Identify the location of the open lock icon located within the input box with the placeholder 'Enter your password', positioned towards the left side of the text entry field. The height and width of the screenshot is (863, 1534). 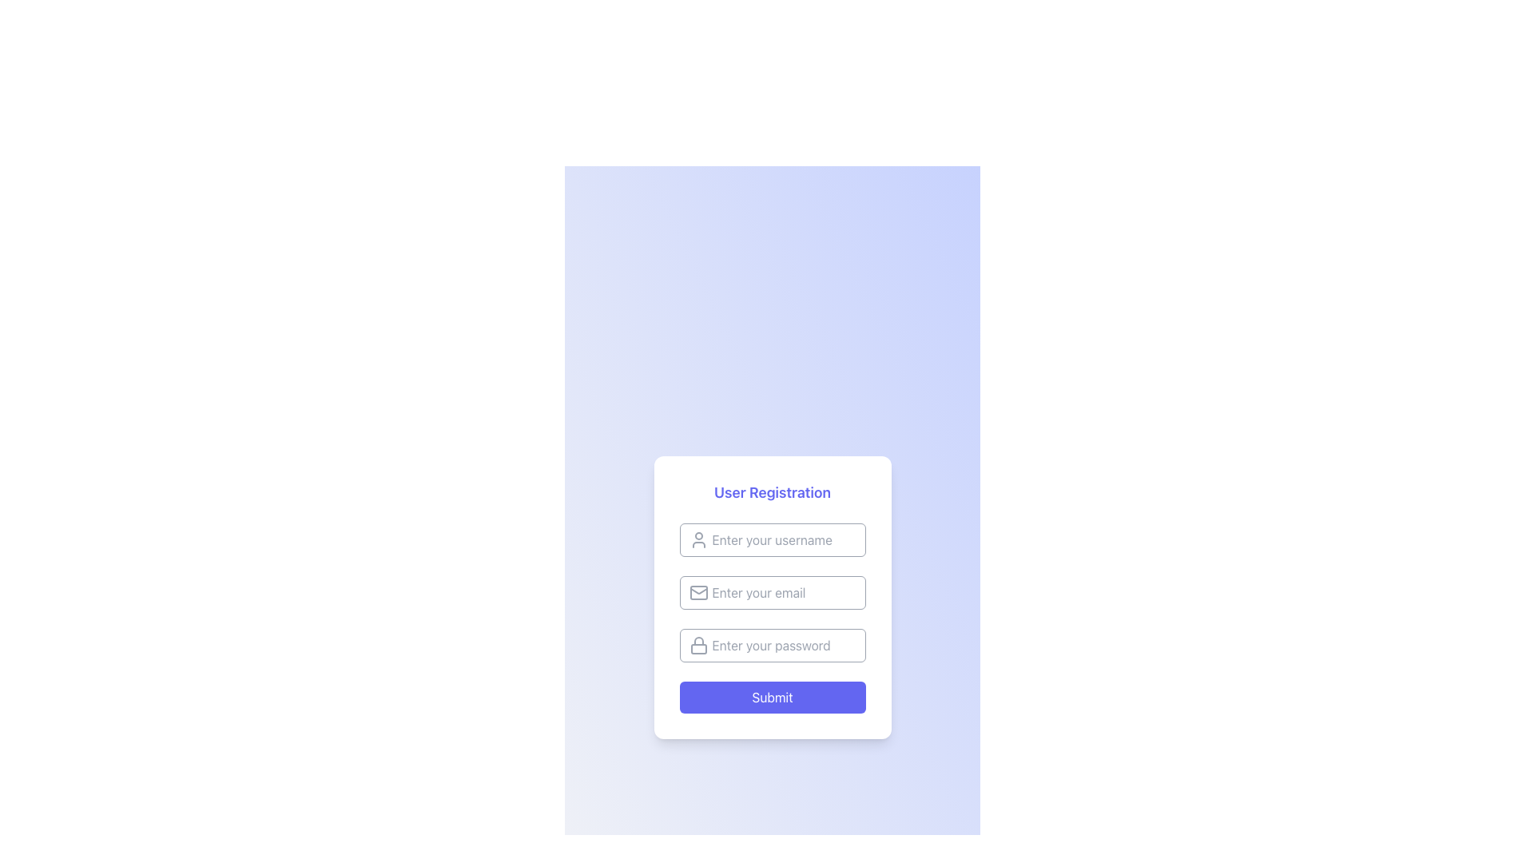
(698, 640).